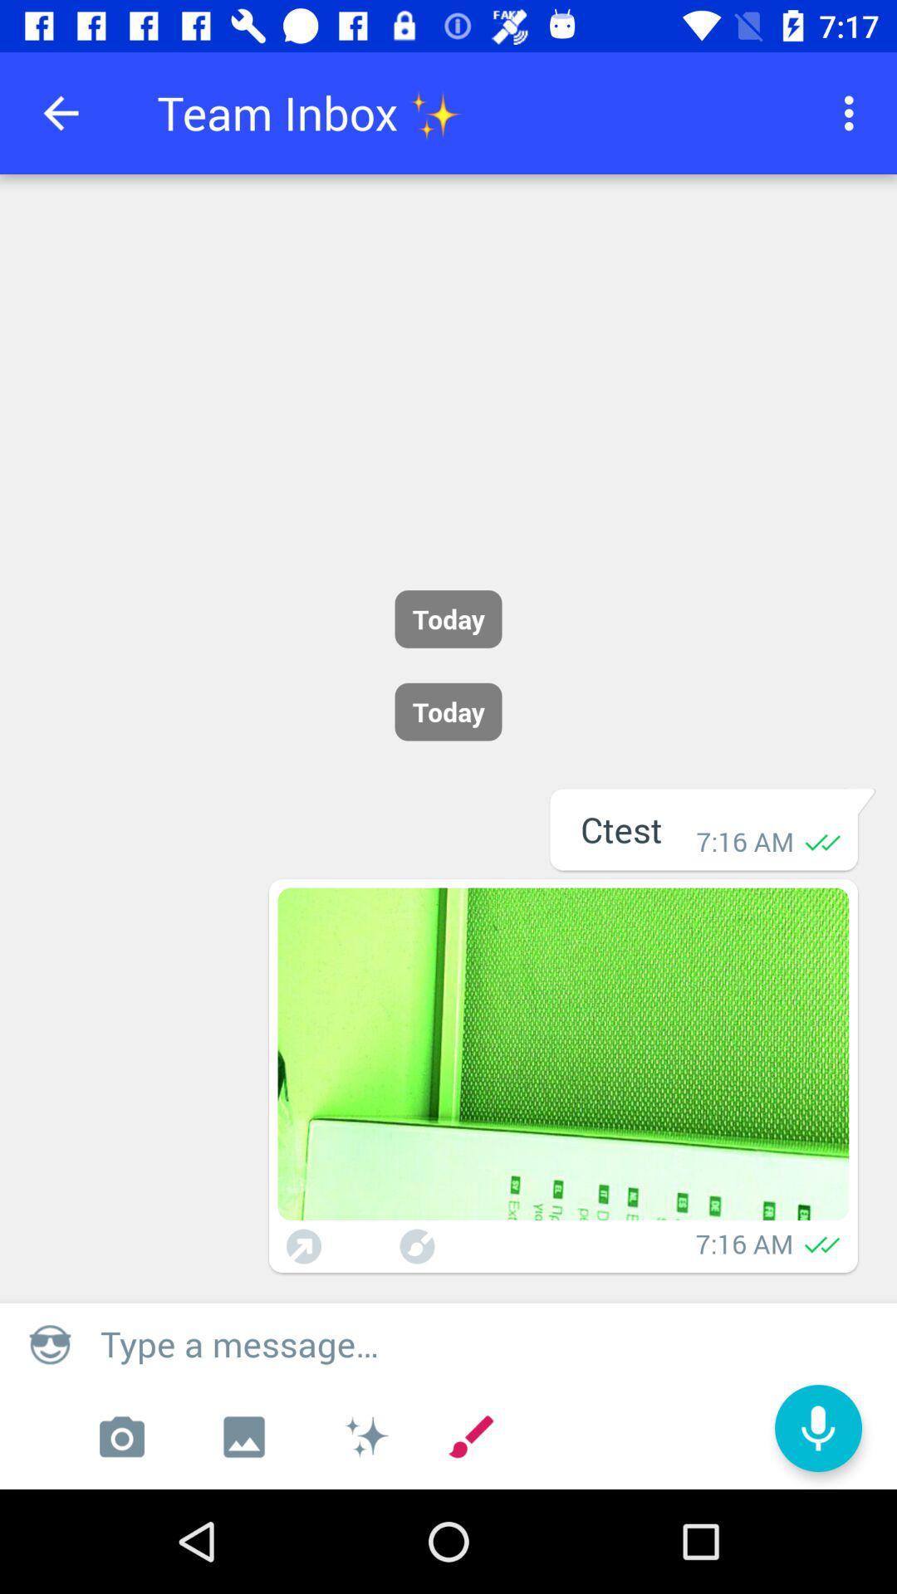  What do you see at coordinates (621, 829) in the screenshot?
I see `the text which says ctest` at bounding box center [621, 829].